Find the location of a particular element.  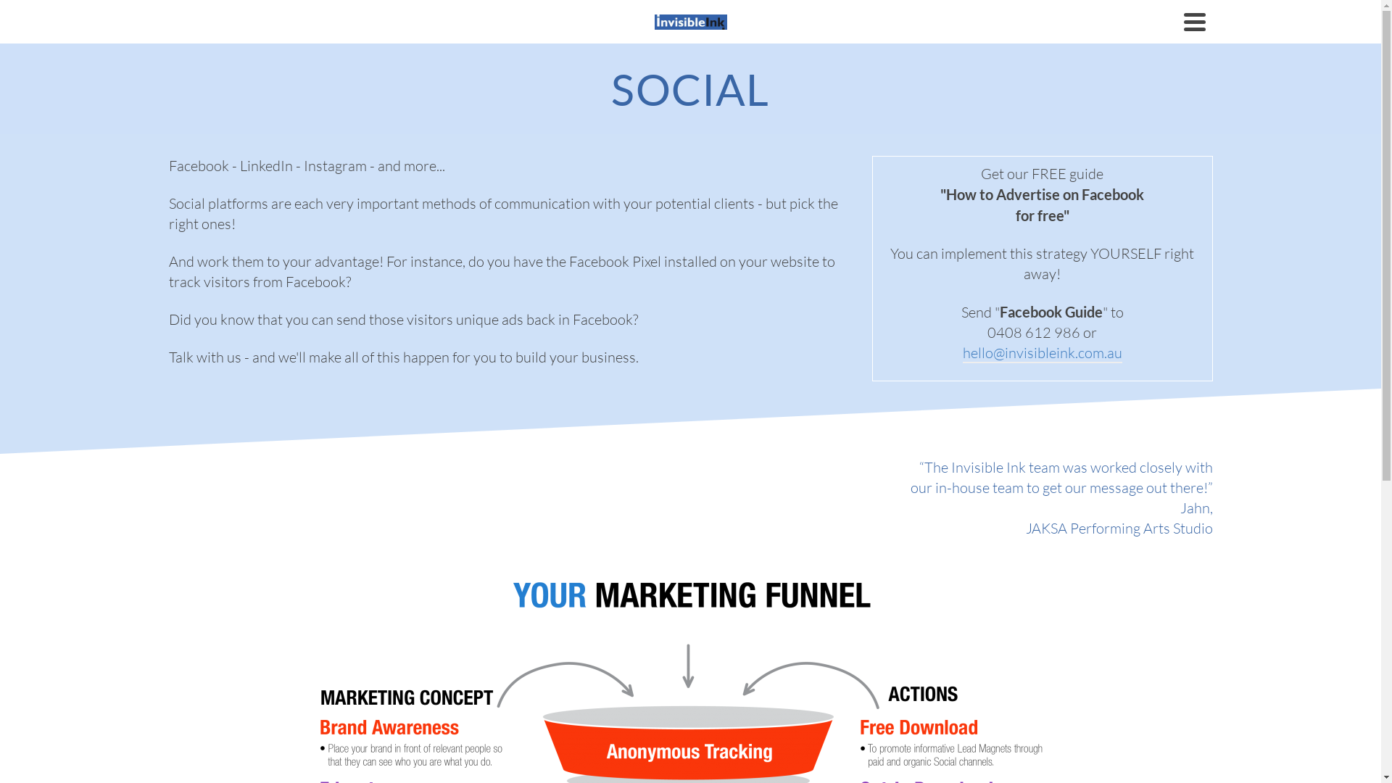

'hello@invisibleink.com.au' is located at coordinates (1042, 353).